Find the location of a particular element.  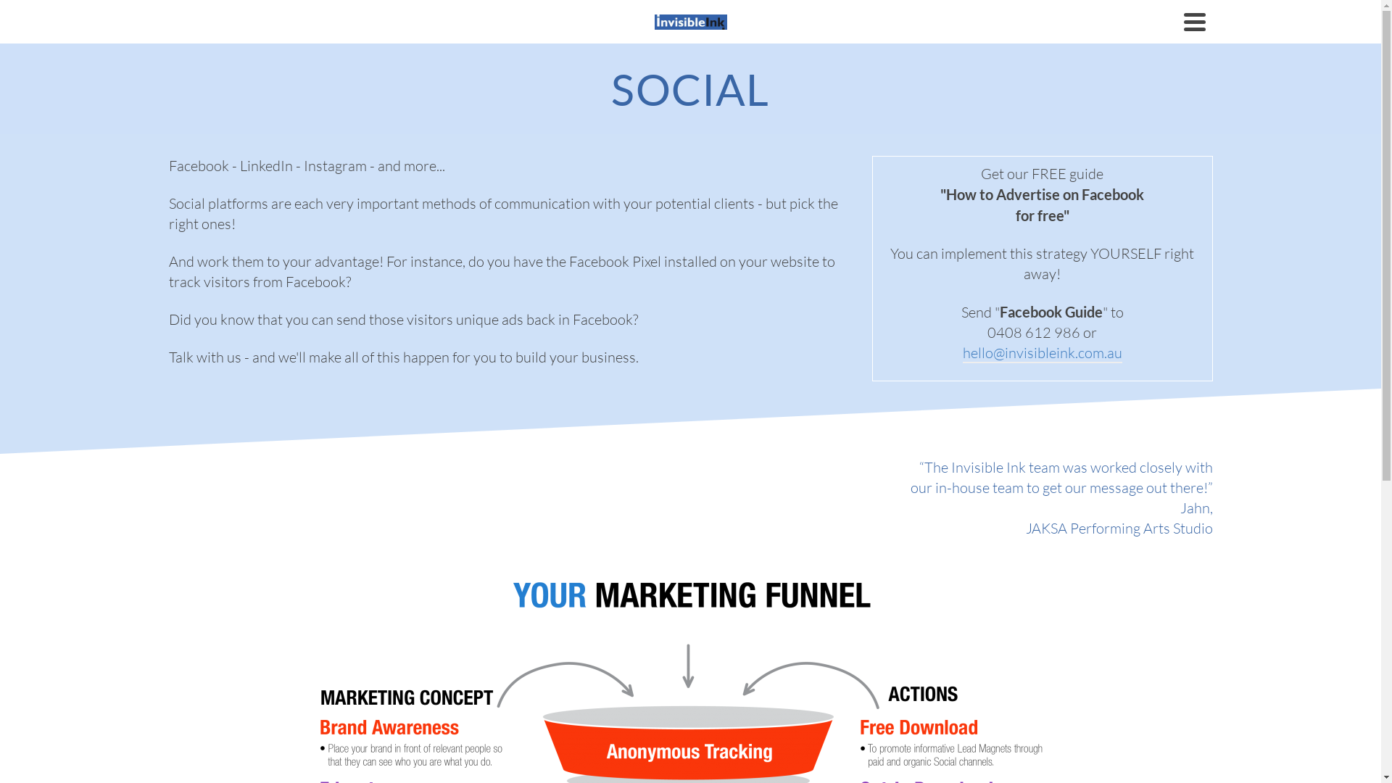

'hello@invisibleink.com.au' is located at coordinates (1042, 353).